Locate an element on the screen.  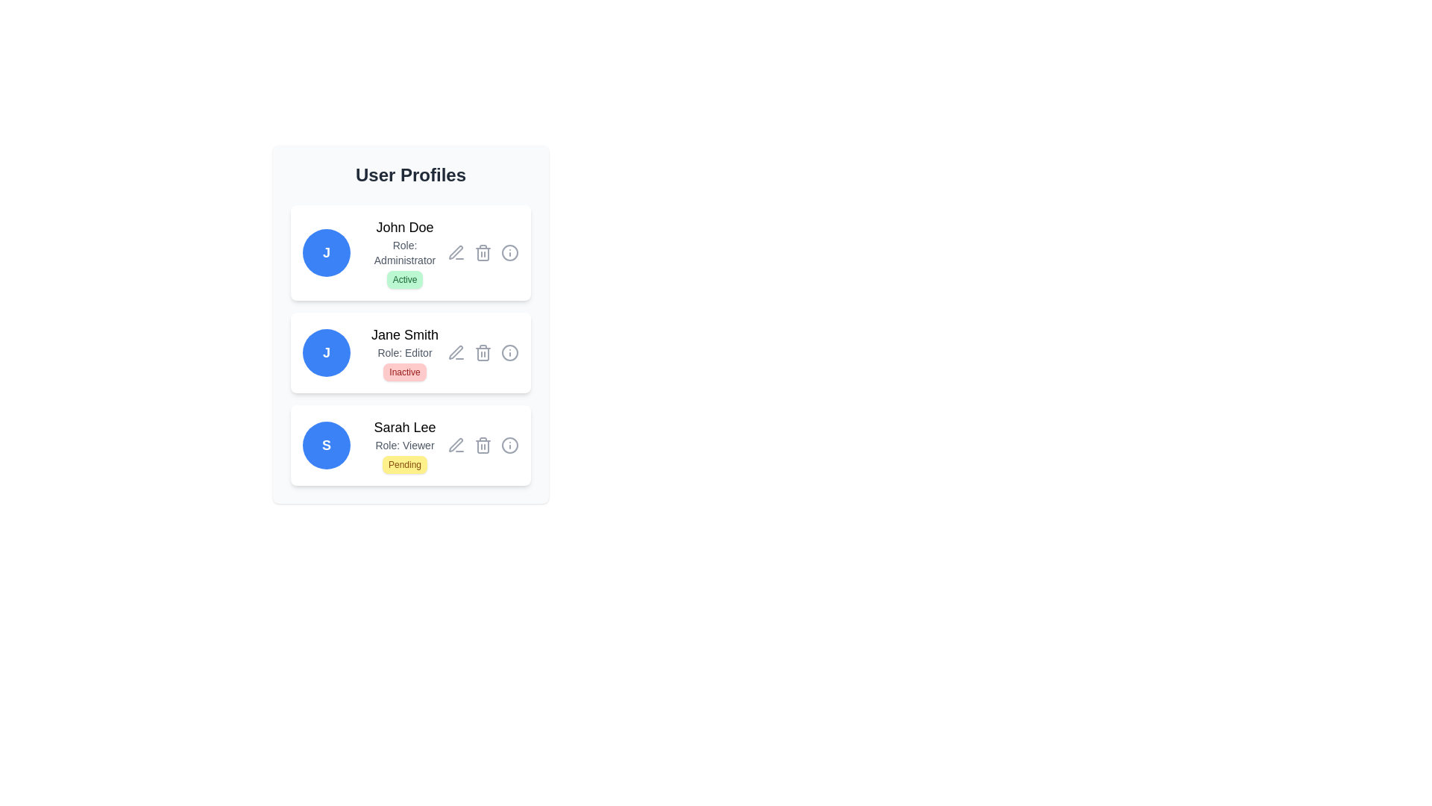
the trash bin icon is located at coordinates (483, 445).